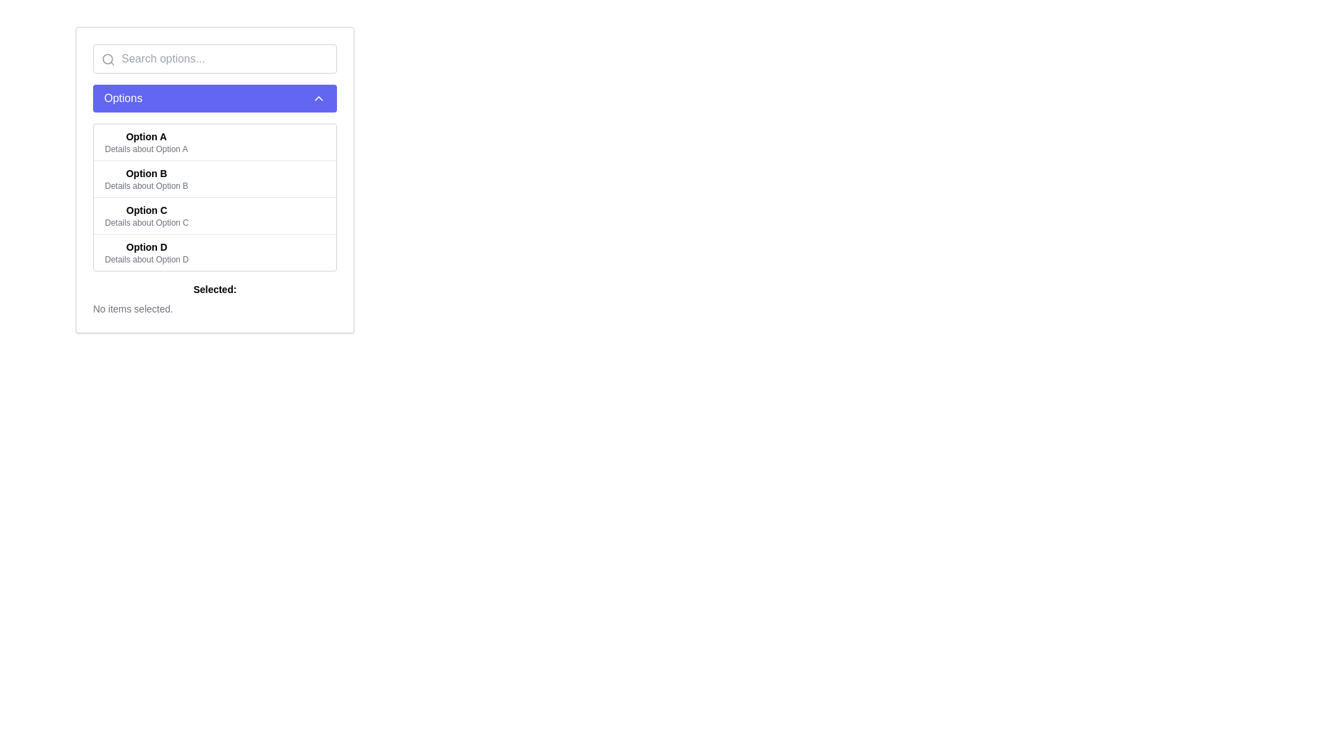 The image size is (1334, 750). I want to click on displayed text of the label representing the second option in the dropdown menu, located immediately beneath 'Option A', so click(147, 173).